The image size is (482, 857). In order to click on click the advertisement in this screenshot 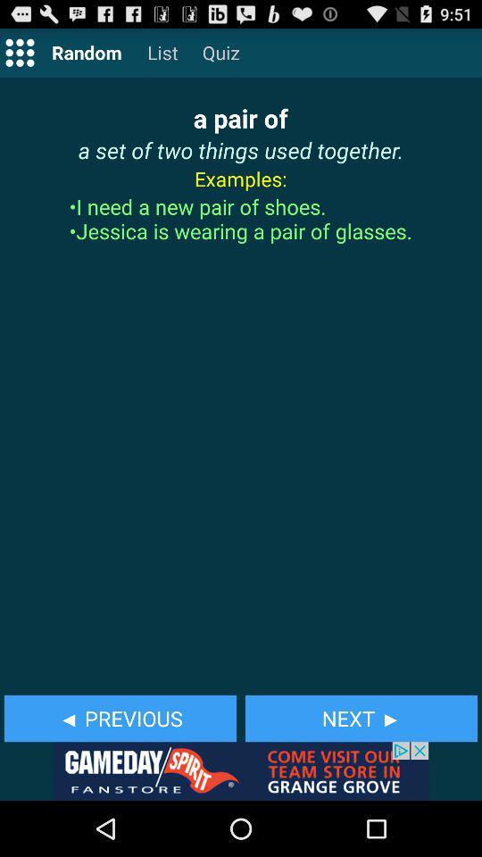, I will do `click(241, 770)`.